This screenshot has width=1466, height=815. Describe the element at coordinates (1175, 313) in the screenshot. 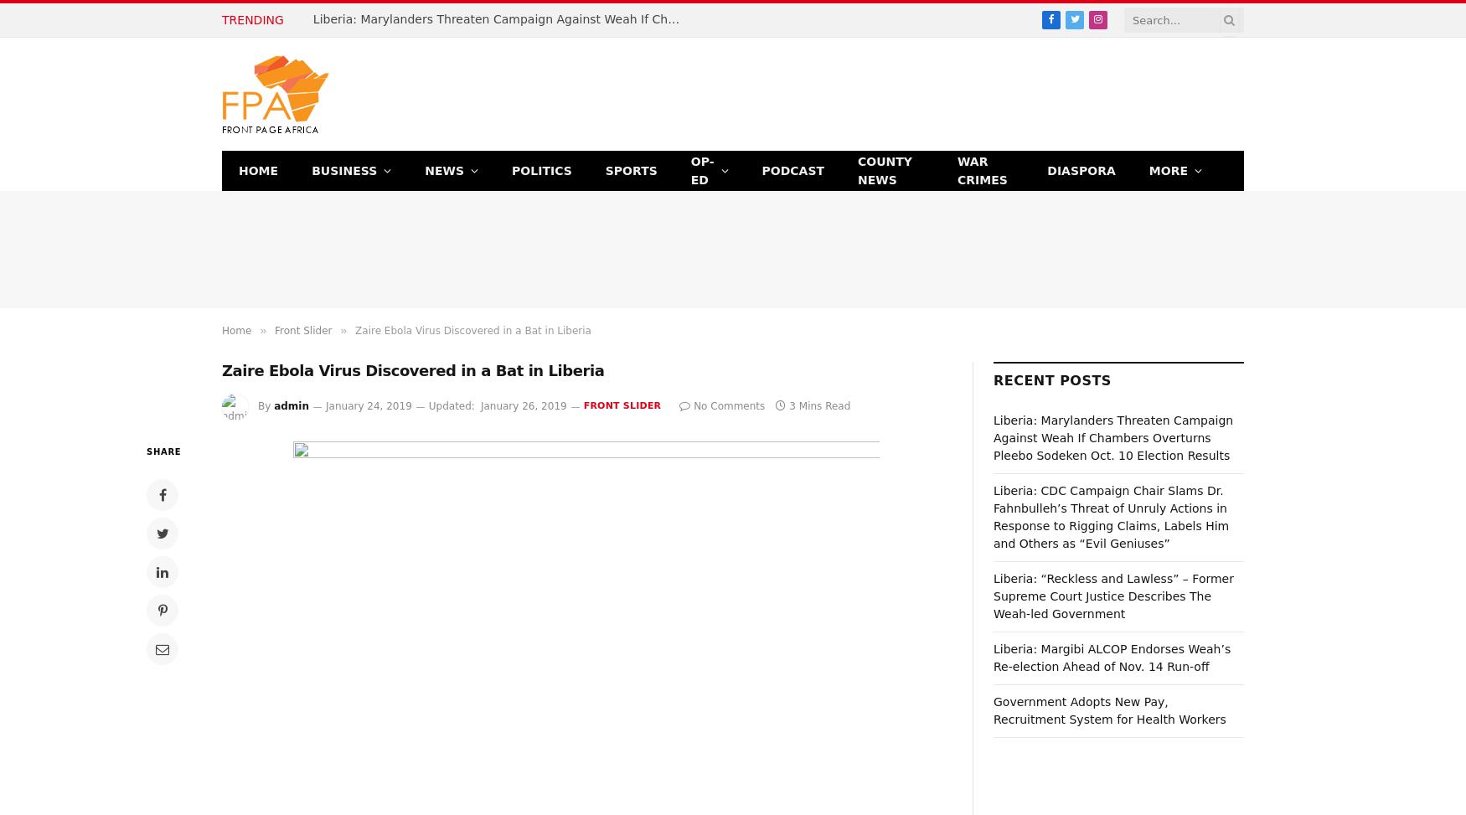

I see `'Obituary'` at that location.